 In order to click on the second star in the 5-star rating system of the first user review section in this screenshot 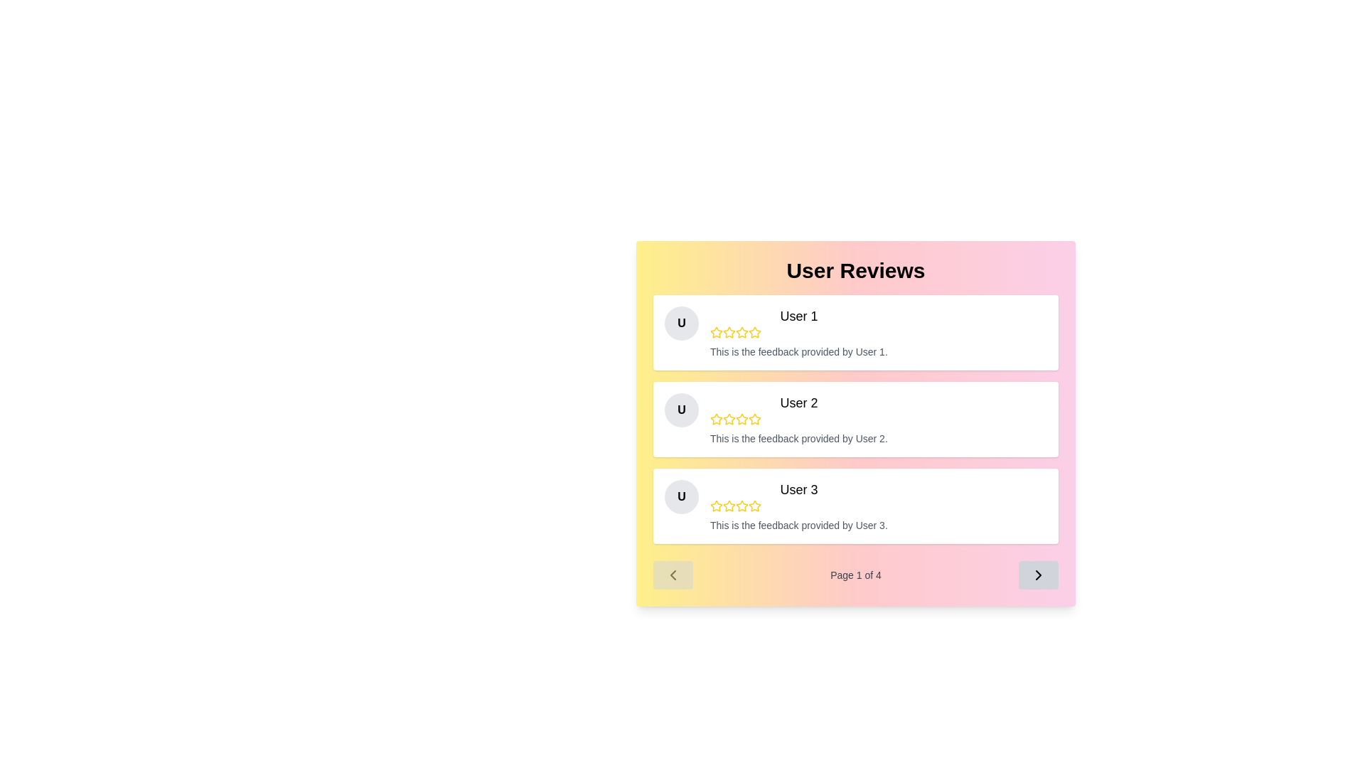, I will do `click(729, 332)`.